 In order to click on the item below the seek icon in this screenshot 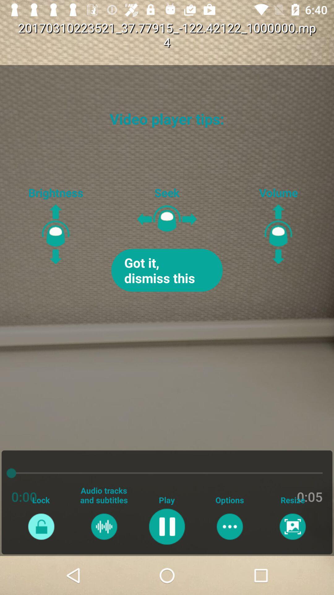, I will do `click(167, 270)`.